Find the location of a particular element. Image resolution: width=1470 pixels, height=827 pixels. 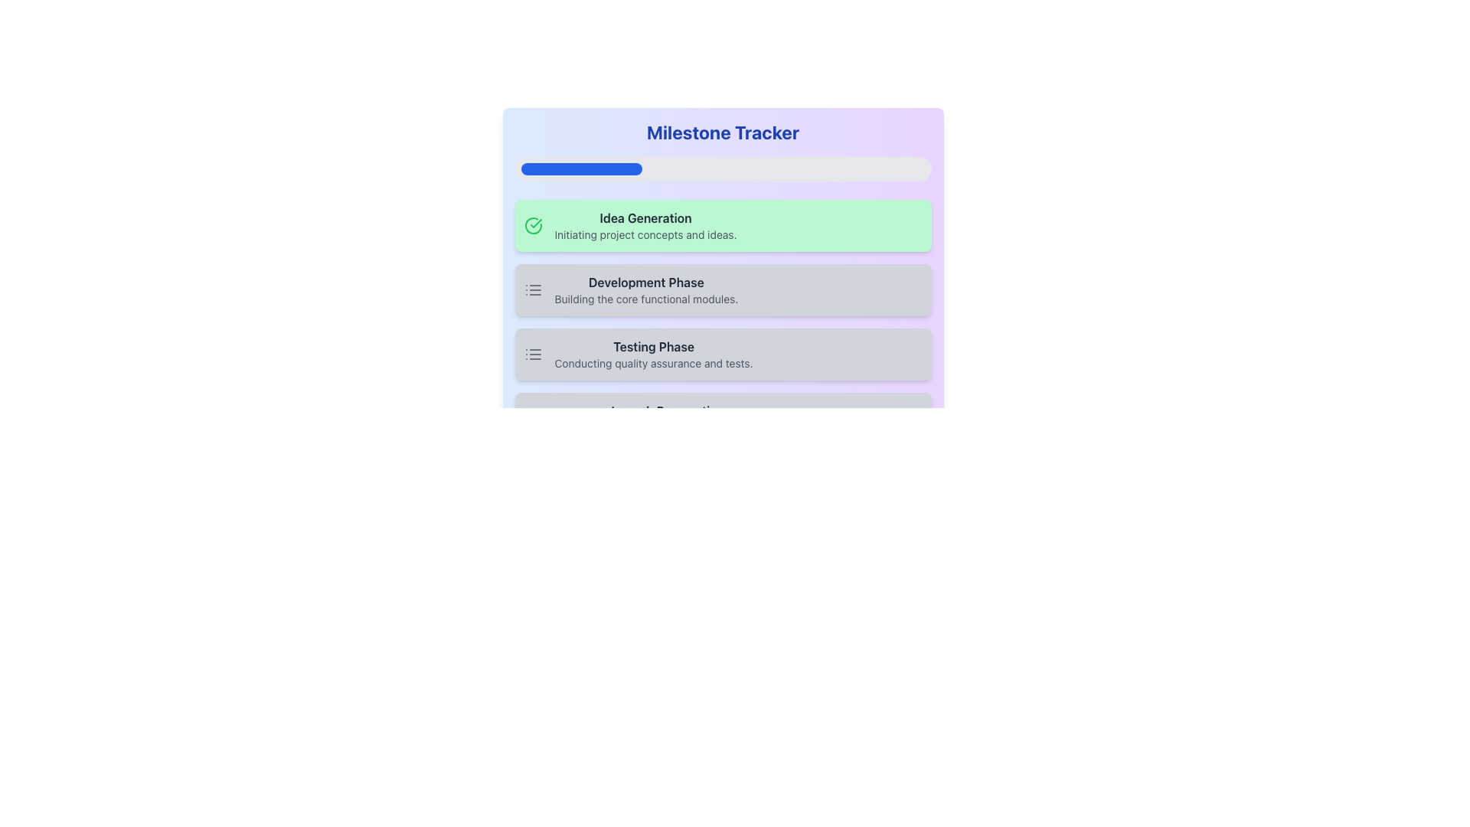

the text label reading 'Development Phase', which is centrally positioned within the second card-like section of the vertical list of milestones is located at coordinates (646, 283).